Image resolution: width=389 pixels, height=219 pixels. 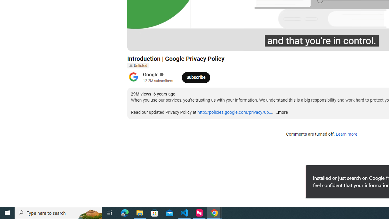 I want to click on 'Unlisted', so click(x=137, y=66).